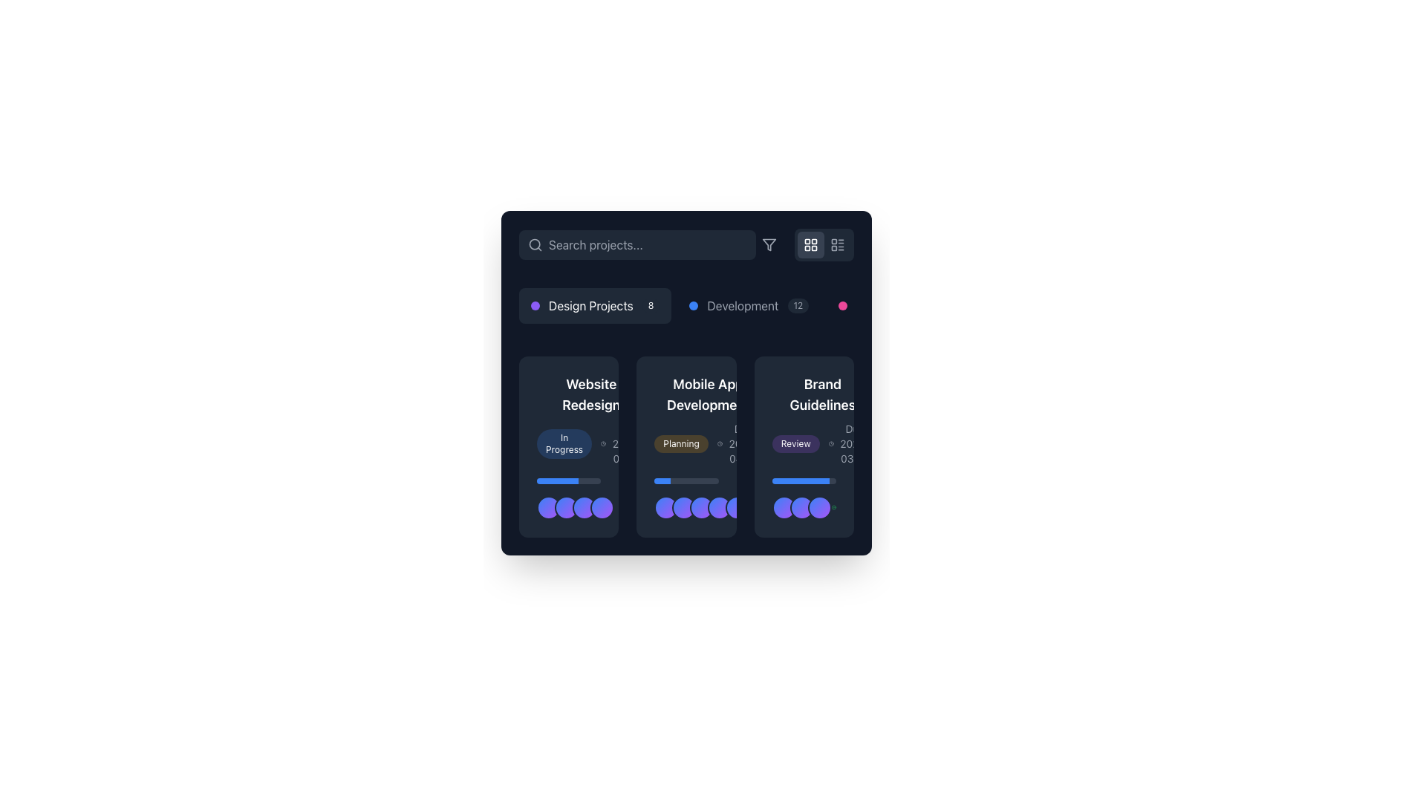  What do you see at coordinates (803, 481) in the screenshot?
I see `the progress bar located in the 'Brand Guidelines' card, just below the 'Review' label and above the circular elements` at bounding box center [803, 481].